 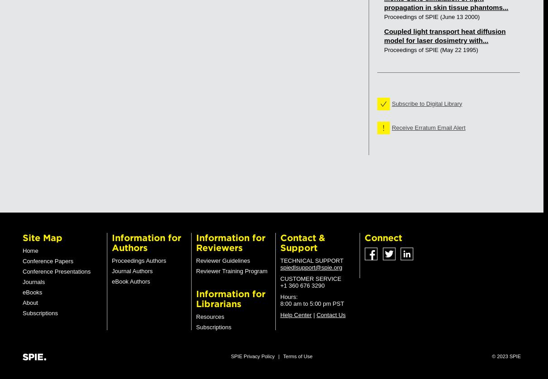 I want to click on 'eBook Authors', so click(x=130, y=281).